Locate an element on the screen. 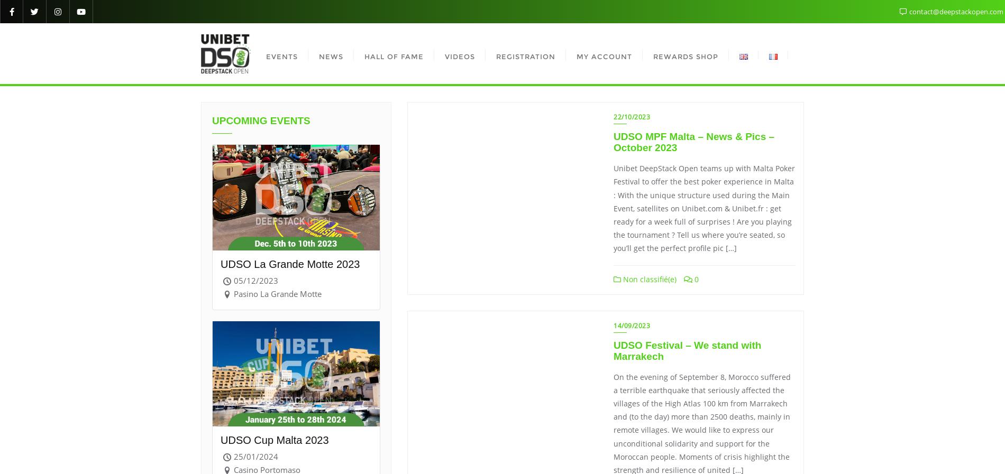  'Events' is located at coordinates (281, 55).